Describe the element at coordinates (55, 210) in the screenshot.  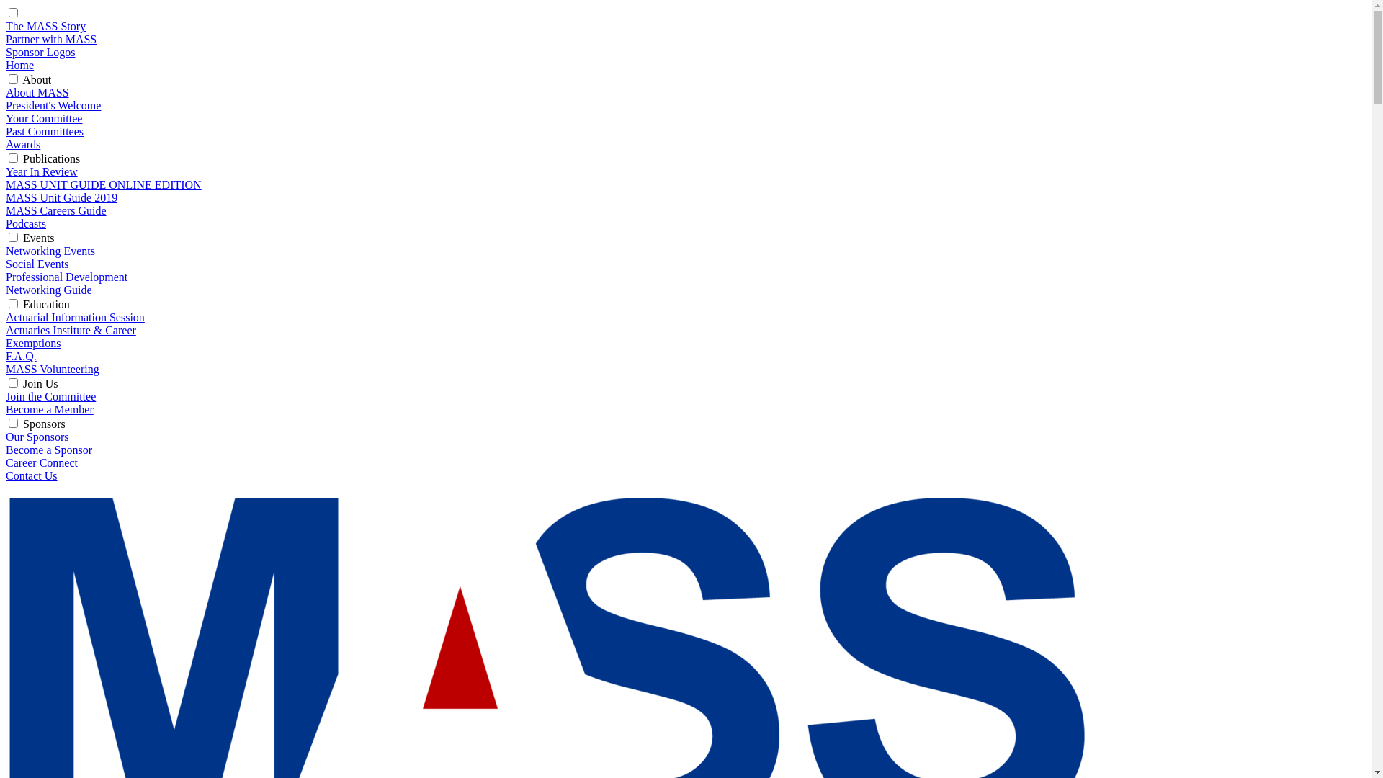
I see `'MASS Careers Guide'` at that location.